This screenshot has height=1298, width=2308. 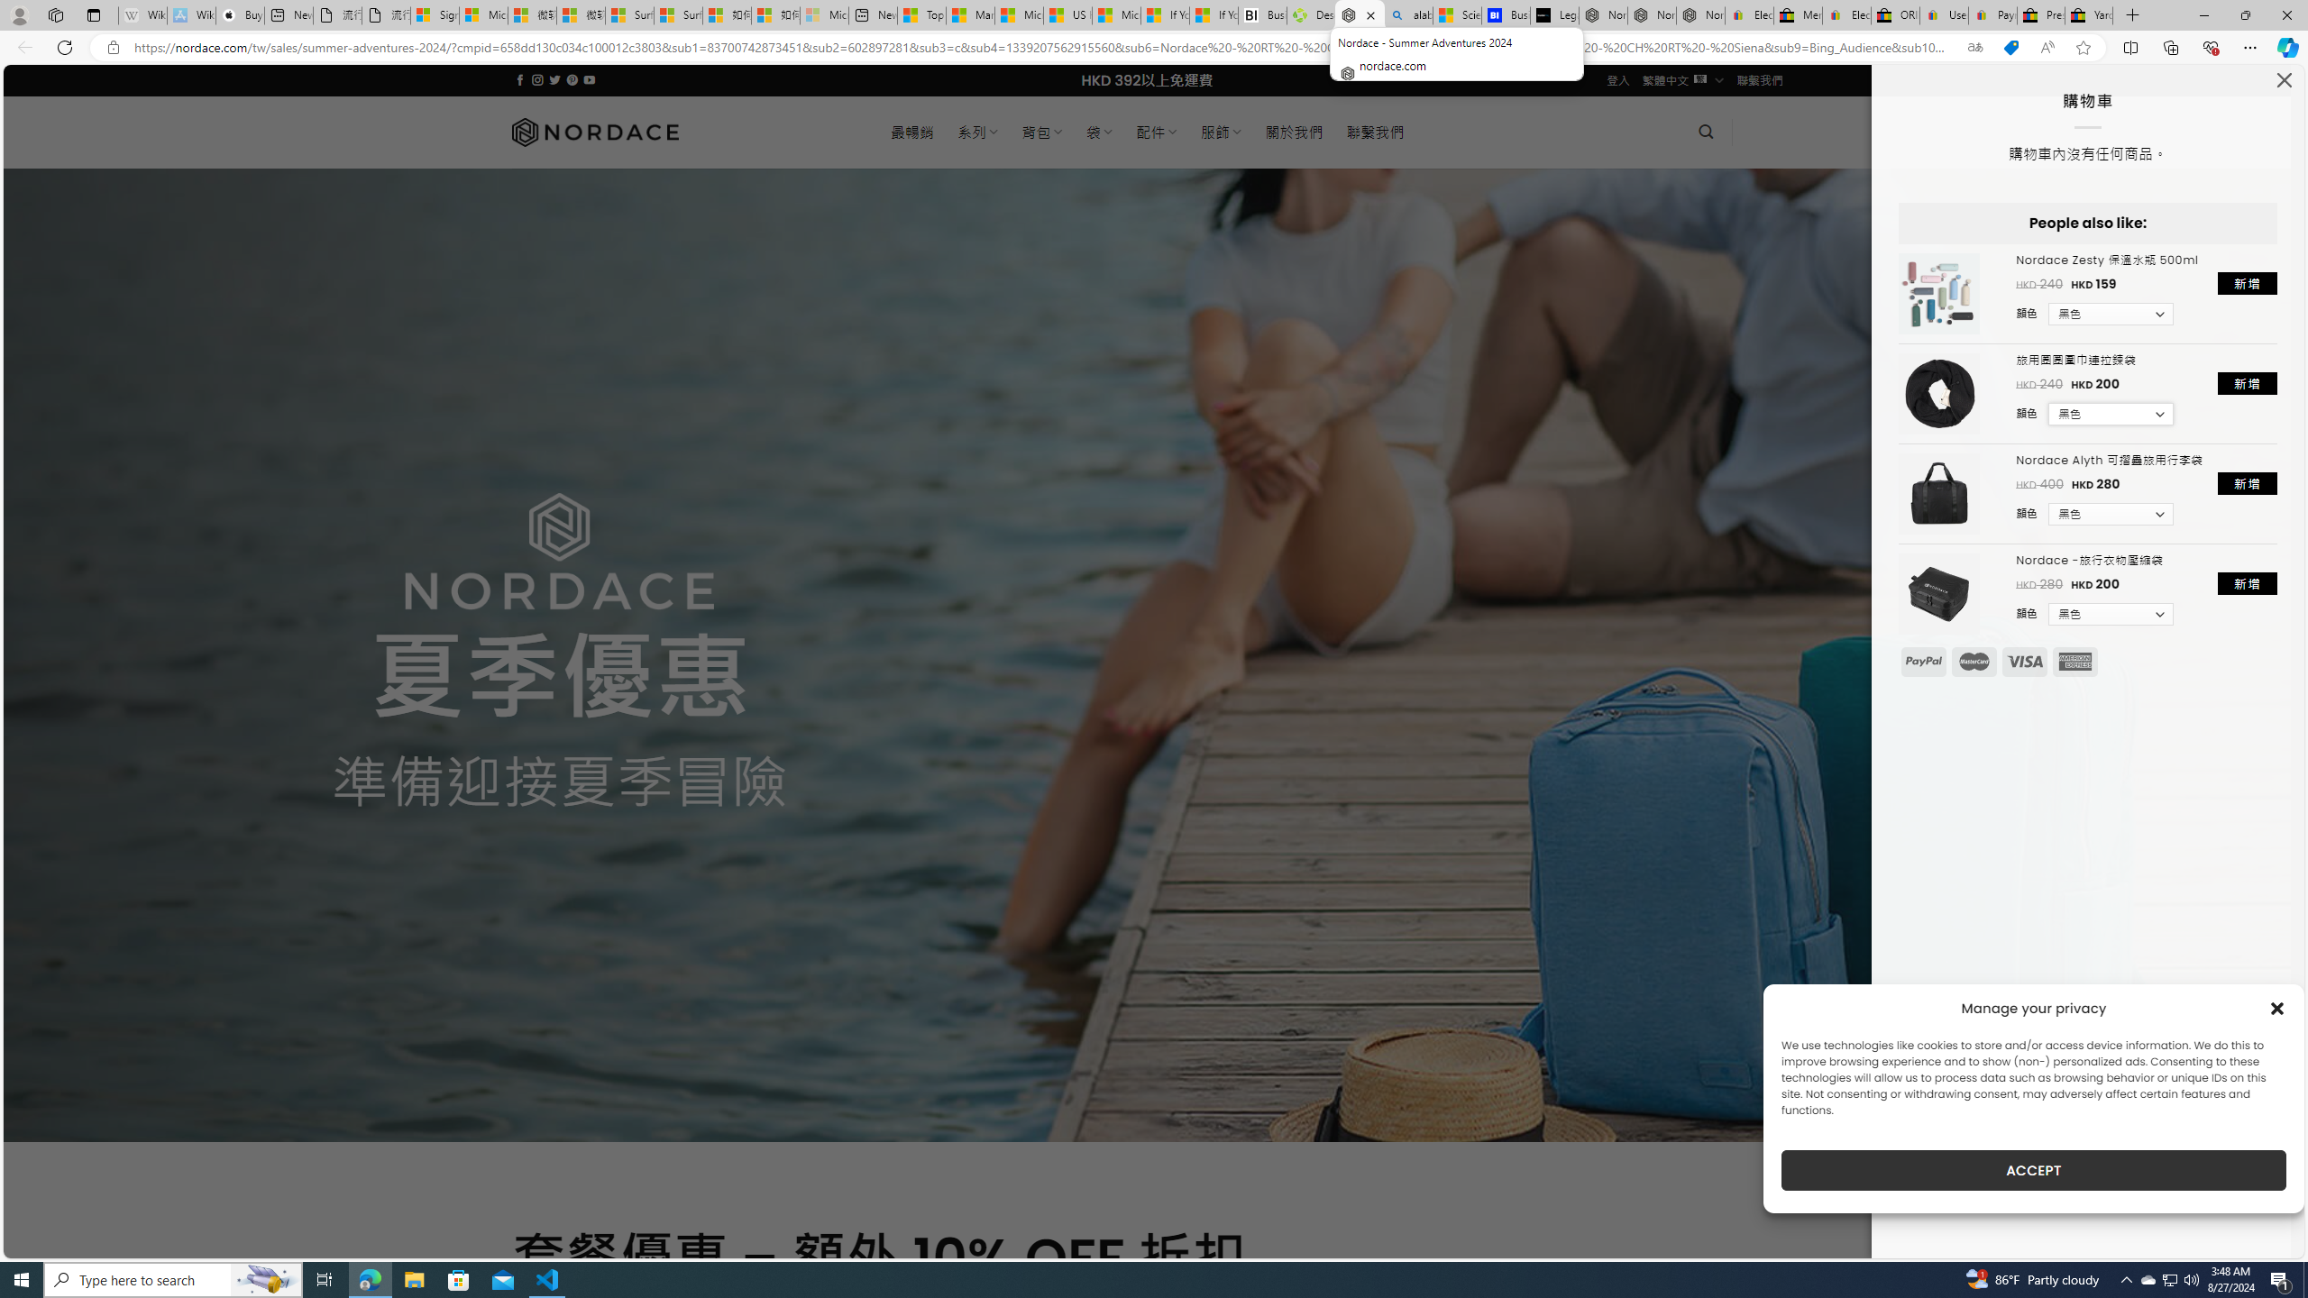 What do you see at coordinates (1974, 48) in the screenshot?
I see `'Show translate options'` at bounding box center [1974, 48].